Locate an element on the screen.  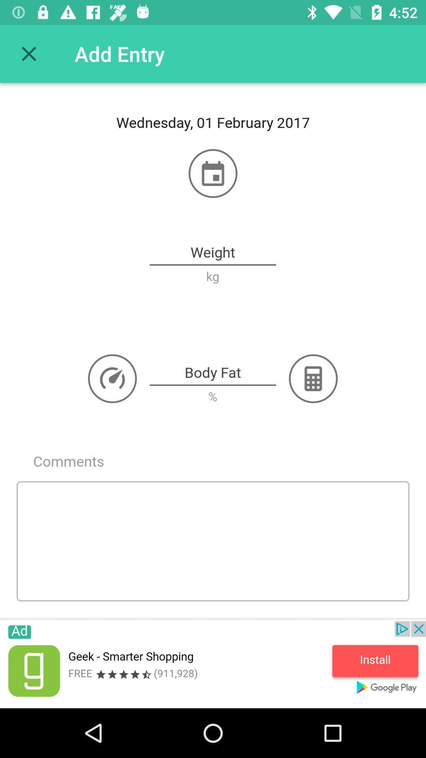
the label next to body fat is located at coordinates (313, 378).